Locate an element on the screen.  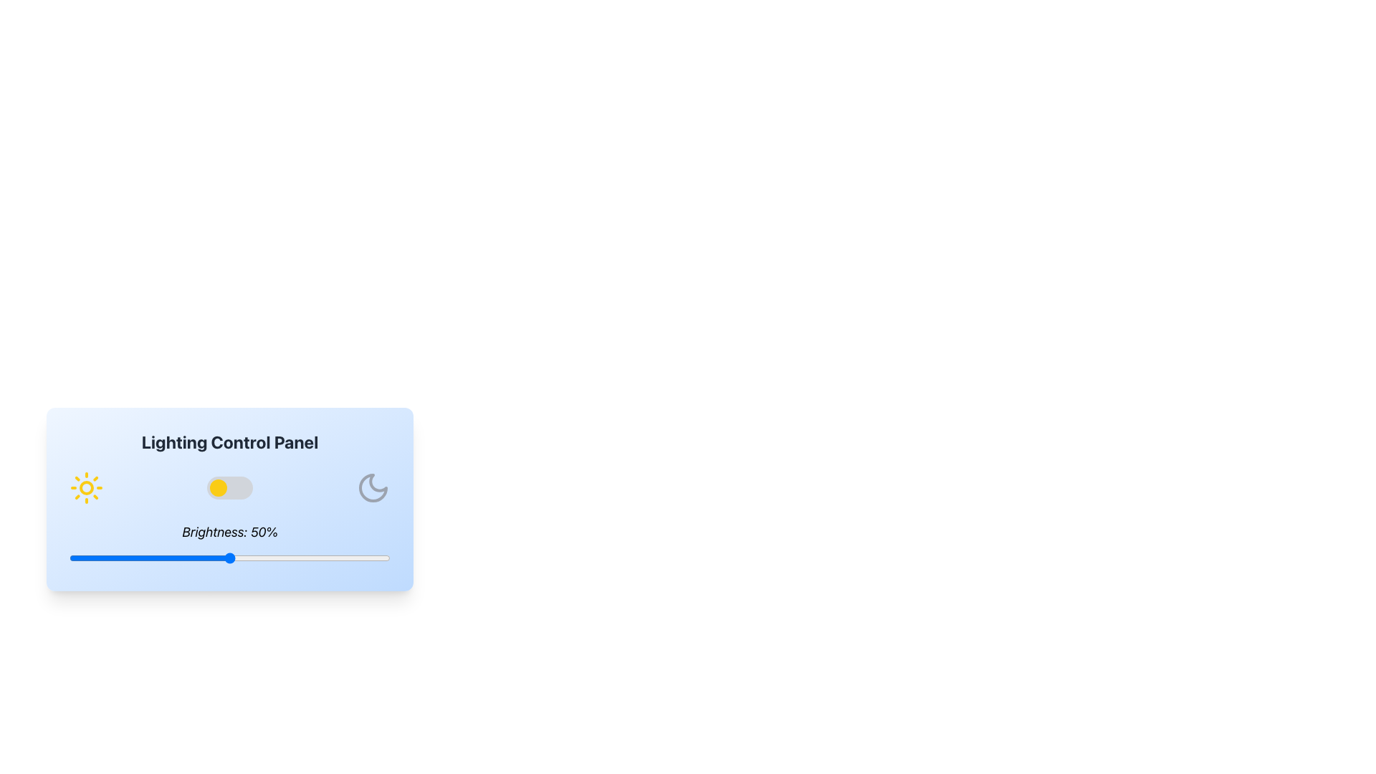
the brightness is located at coordinates (384, 558).